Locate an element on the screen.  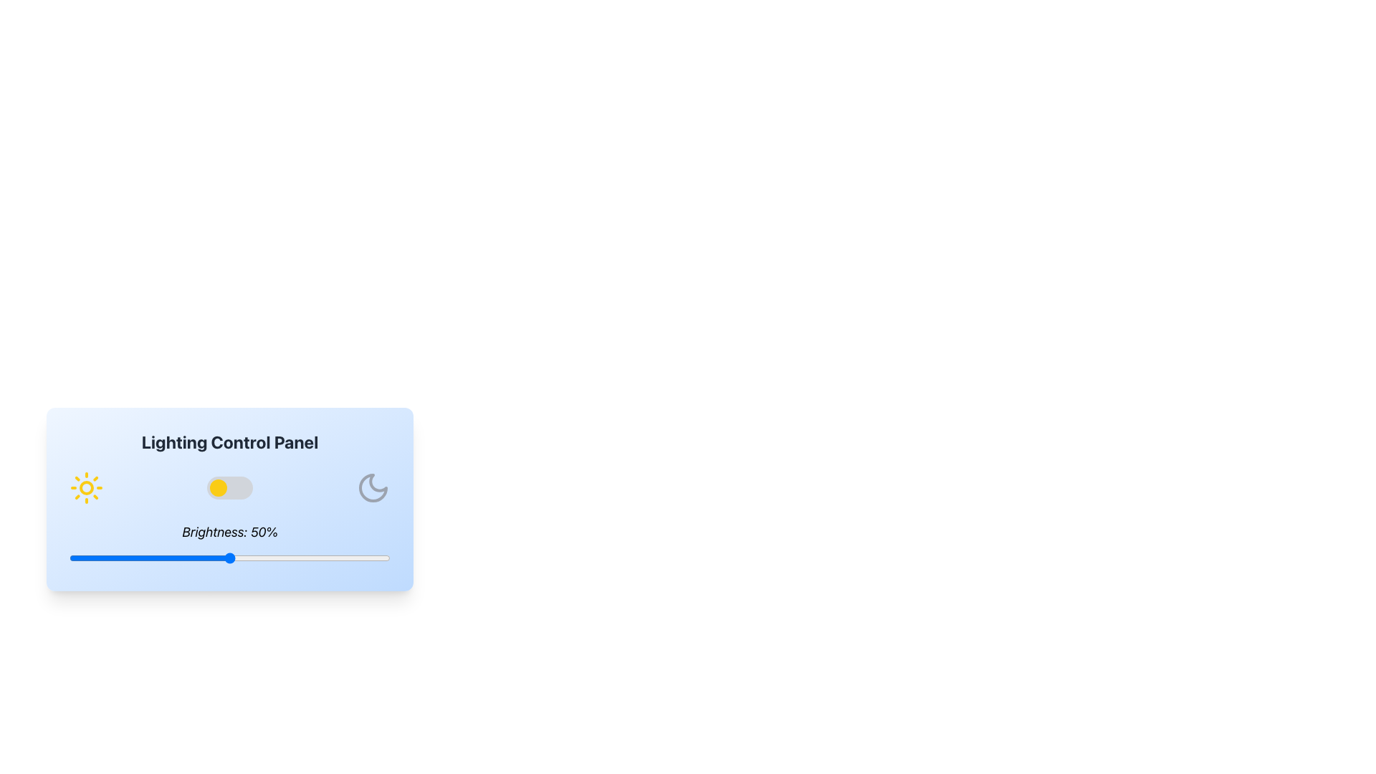
the brightness is located at coordinates (384, 558).